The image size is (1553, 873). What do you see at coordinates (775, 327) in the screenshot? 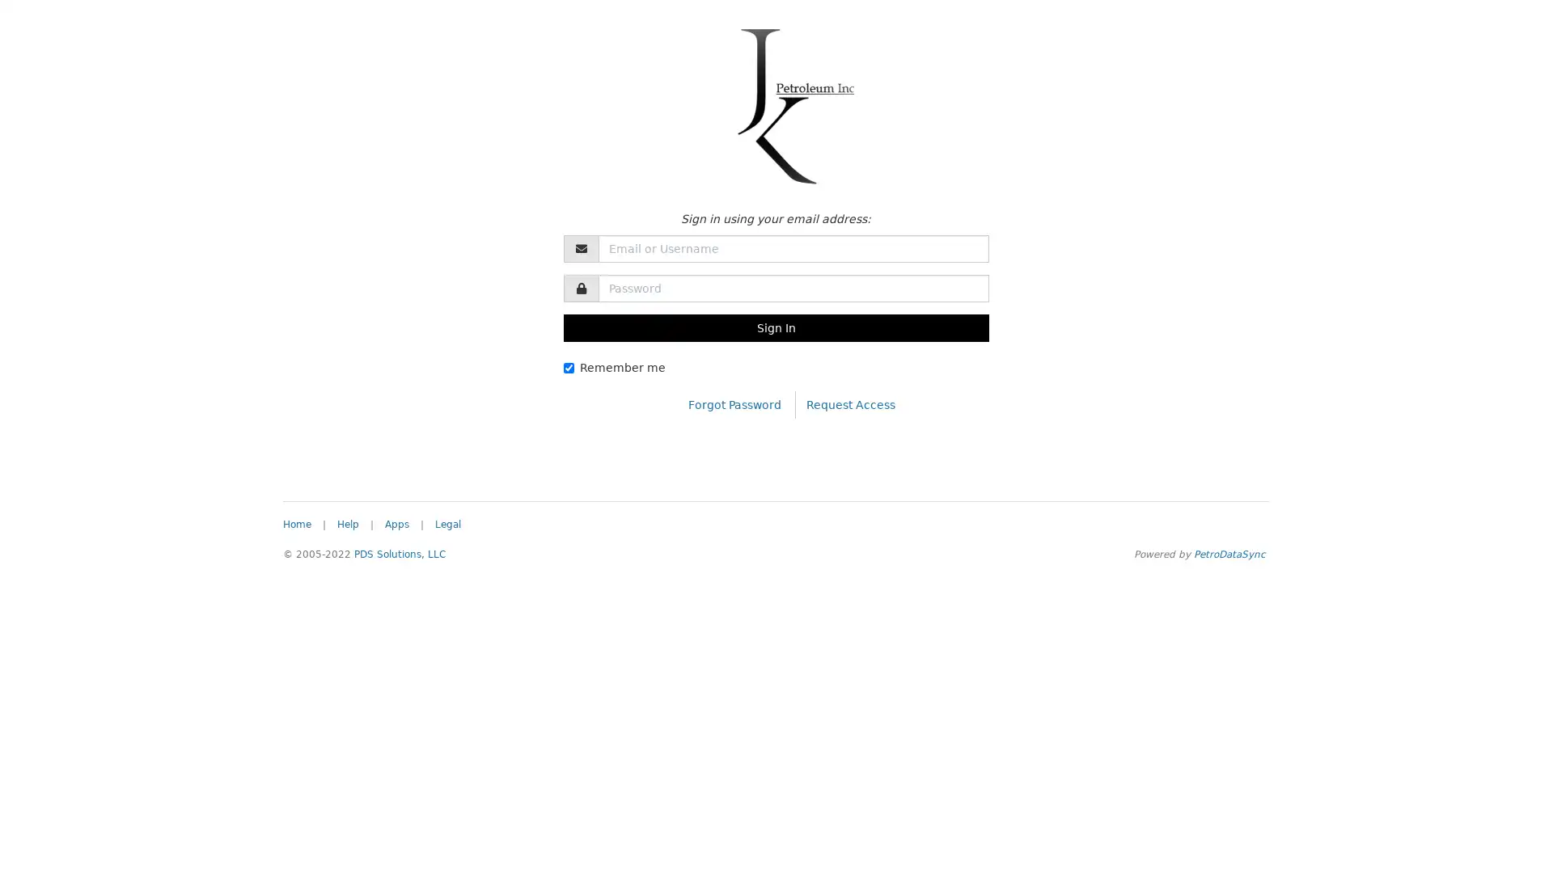
I see `Sign In` at bounding box center [775, 327].